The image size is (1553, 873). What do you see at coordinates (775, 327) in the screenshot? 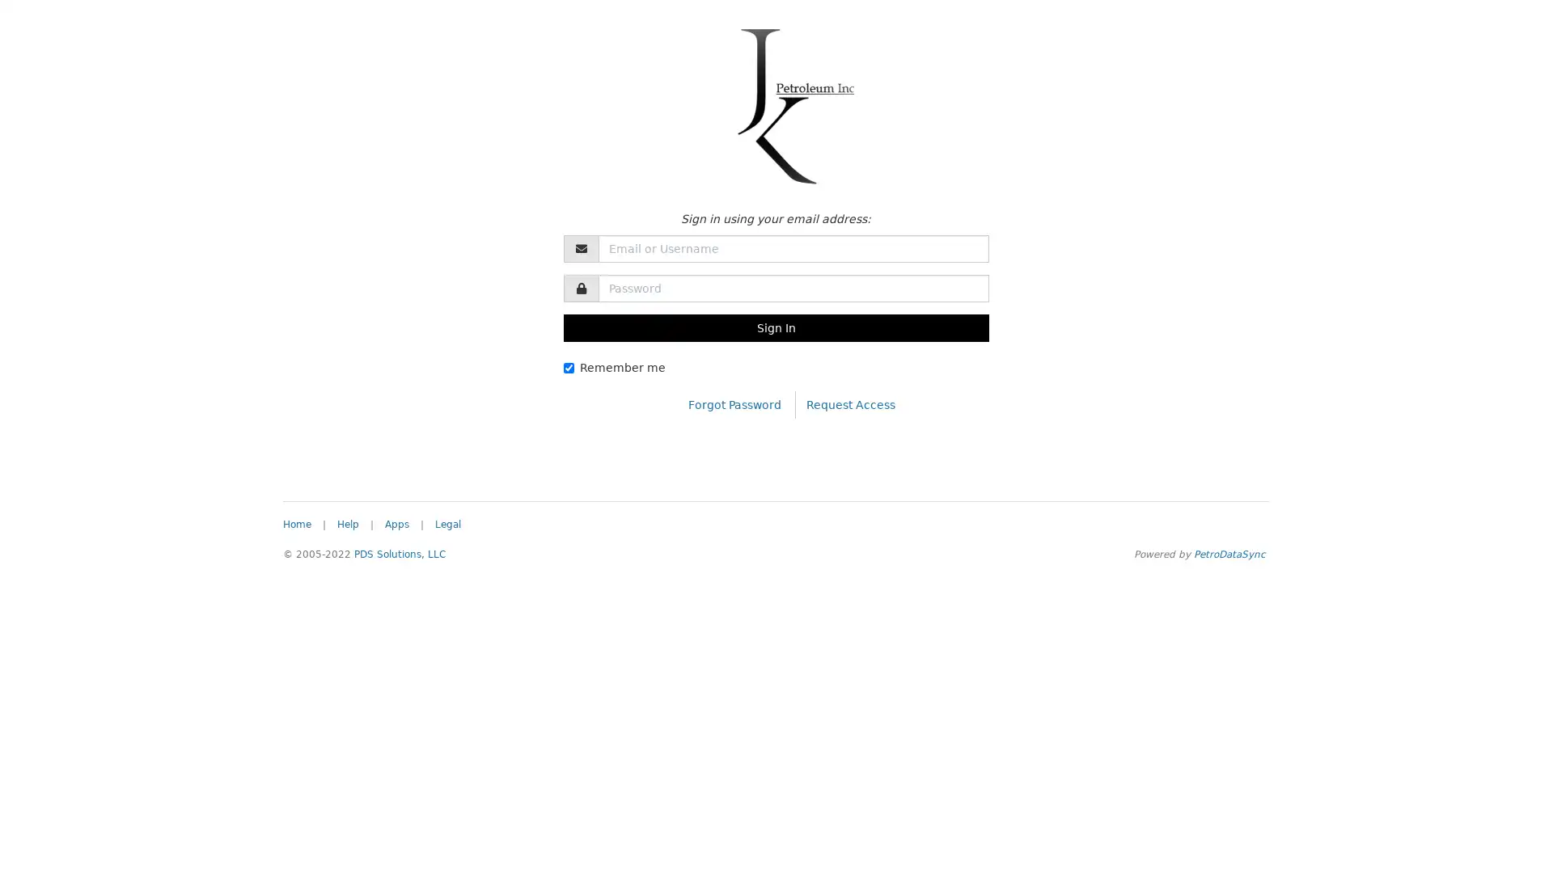
I see `Sign In` at bounding box center [775, 327].